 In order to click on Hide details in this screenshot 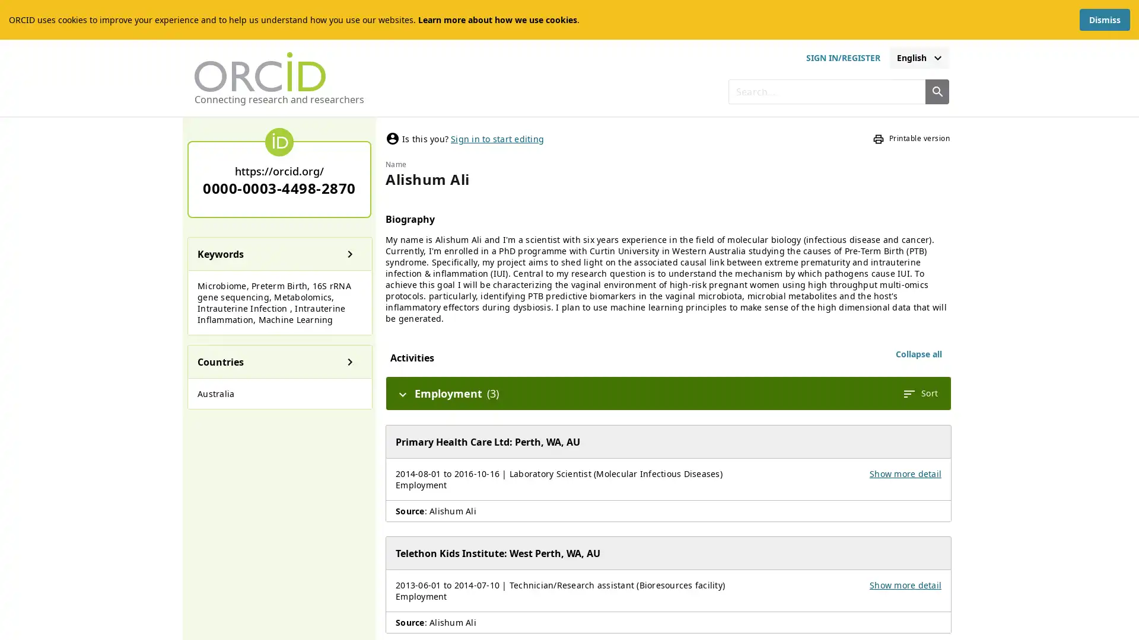, I will do `click(402, 393)`.